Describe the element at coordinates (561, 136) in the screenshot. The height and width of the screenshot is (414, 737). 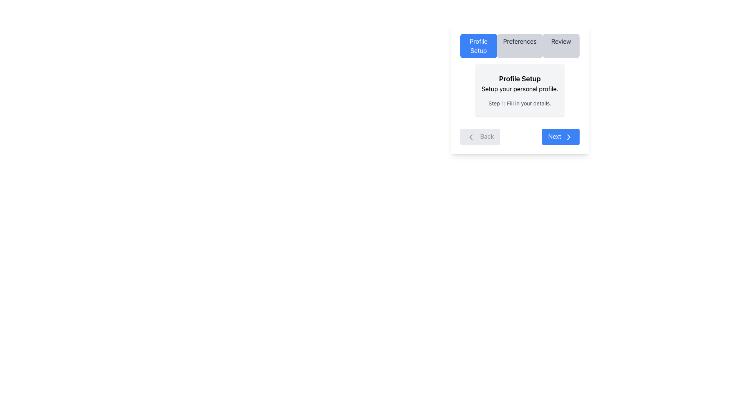
I see `the 'Next' button, which is a rectangular button with rounded corners, blue background, and white text labeled 'Next' with a right-pointing chevron icon, located in the bottom-right of the interface` at that location.